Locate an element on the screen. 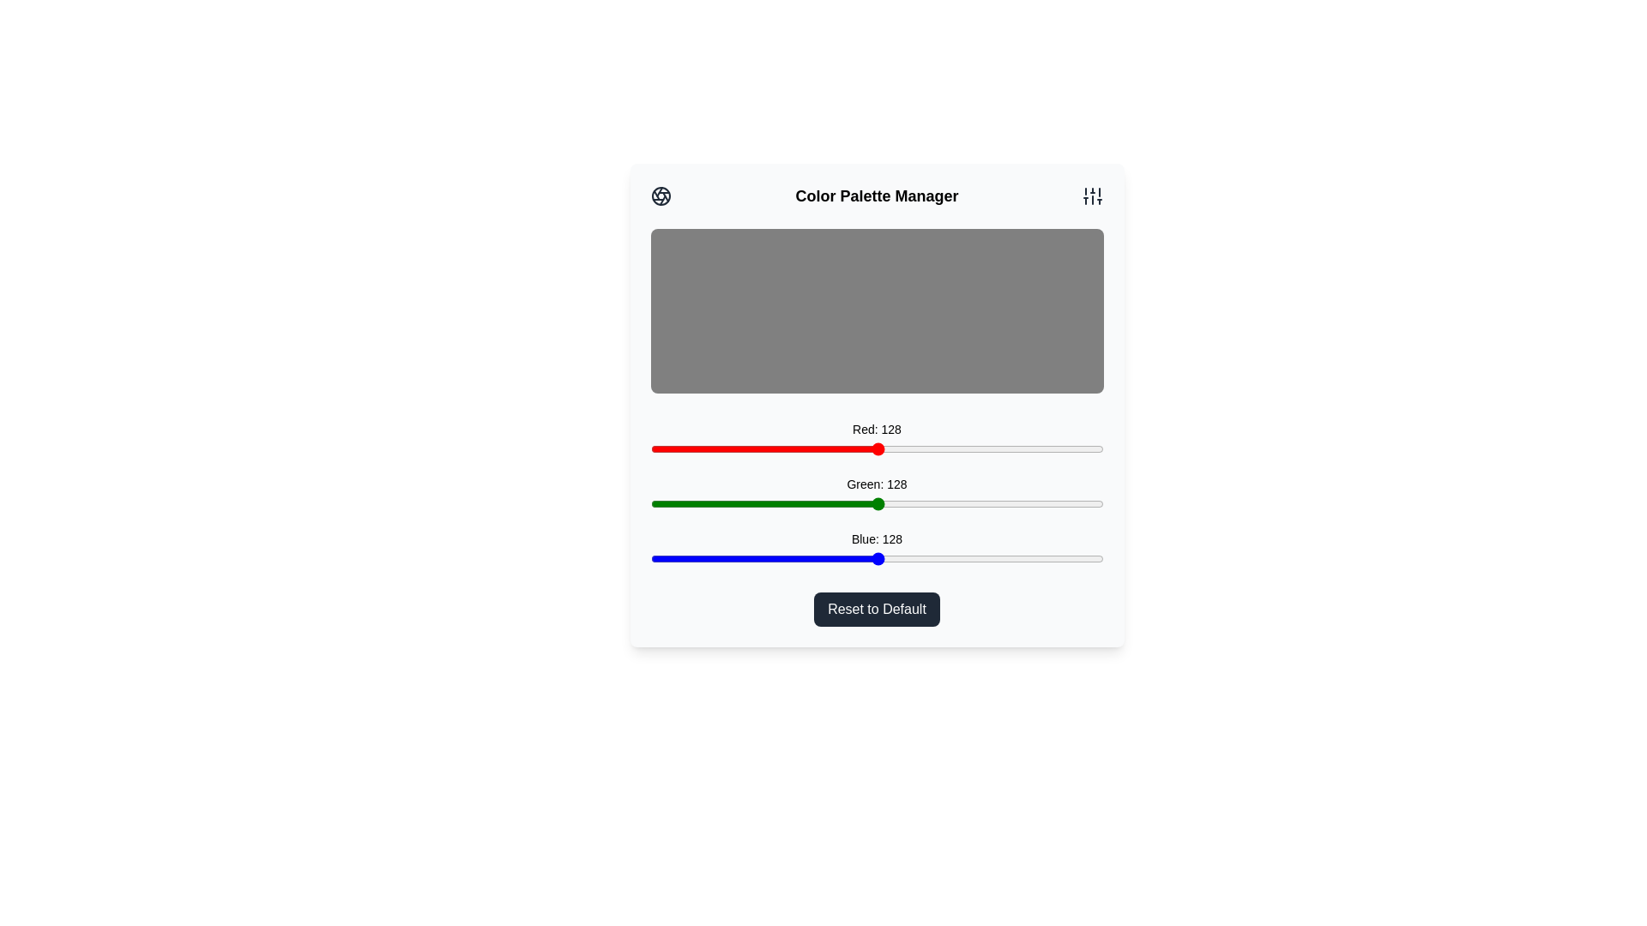  the aperture icon in the header is located at coordinates (660, 195).